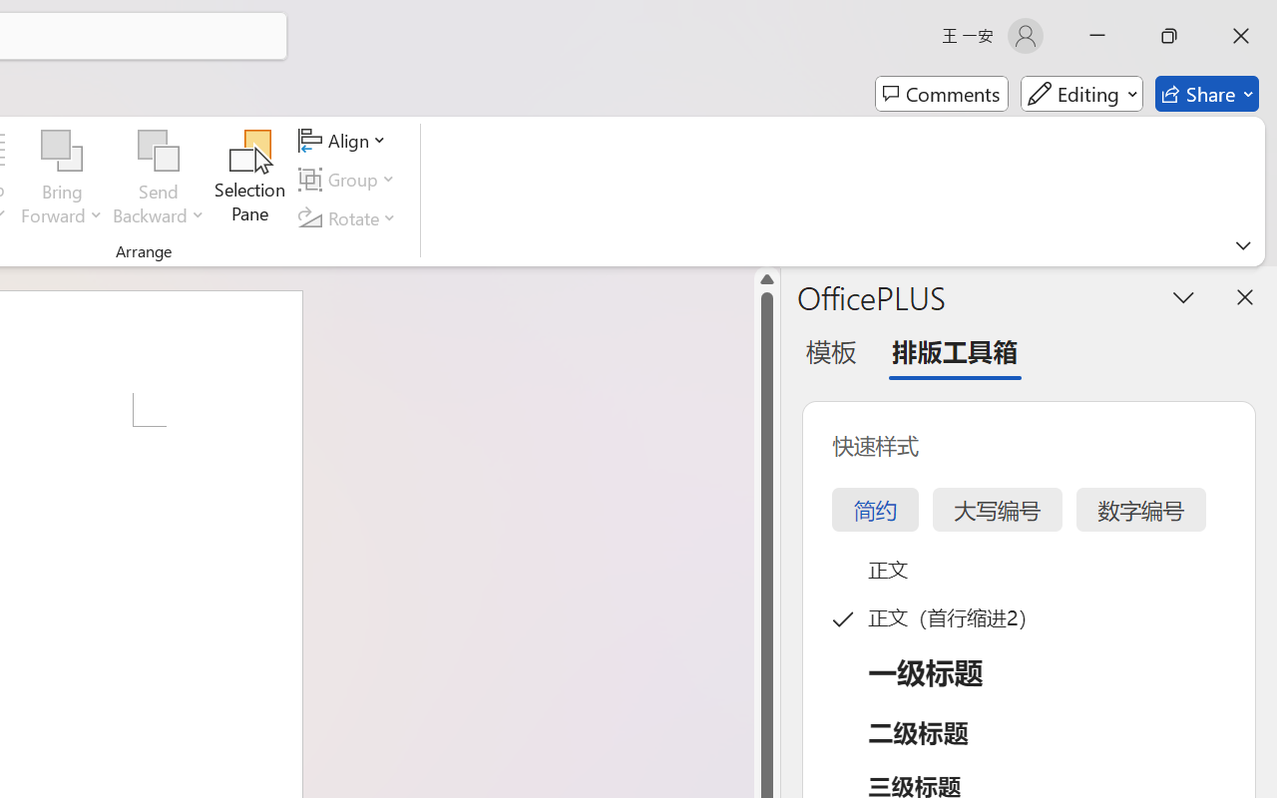 The width and height of the screenshot is (1277, 798). What do you see at coordinates (249, 179) in the screenshot?
I see `'Selection Pane...'` at bounding box center [249, 179].